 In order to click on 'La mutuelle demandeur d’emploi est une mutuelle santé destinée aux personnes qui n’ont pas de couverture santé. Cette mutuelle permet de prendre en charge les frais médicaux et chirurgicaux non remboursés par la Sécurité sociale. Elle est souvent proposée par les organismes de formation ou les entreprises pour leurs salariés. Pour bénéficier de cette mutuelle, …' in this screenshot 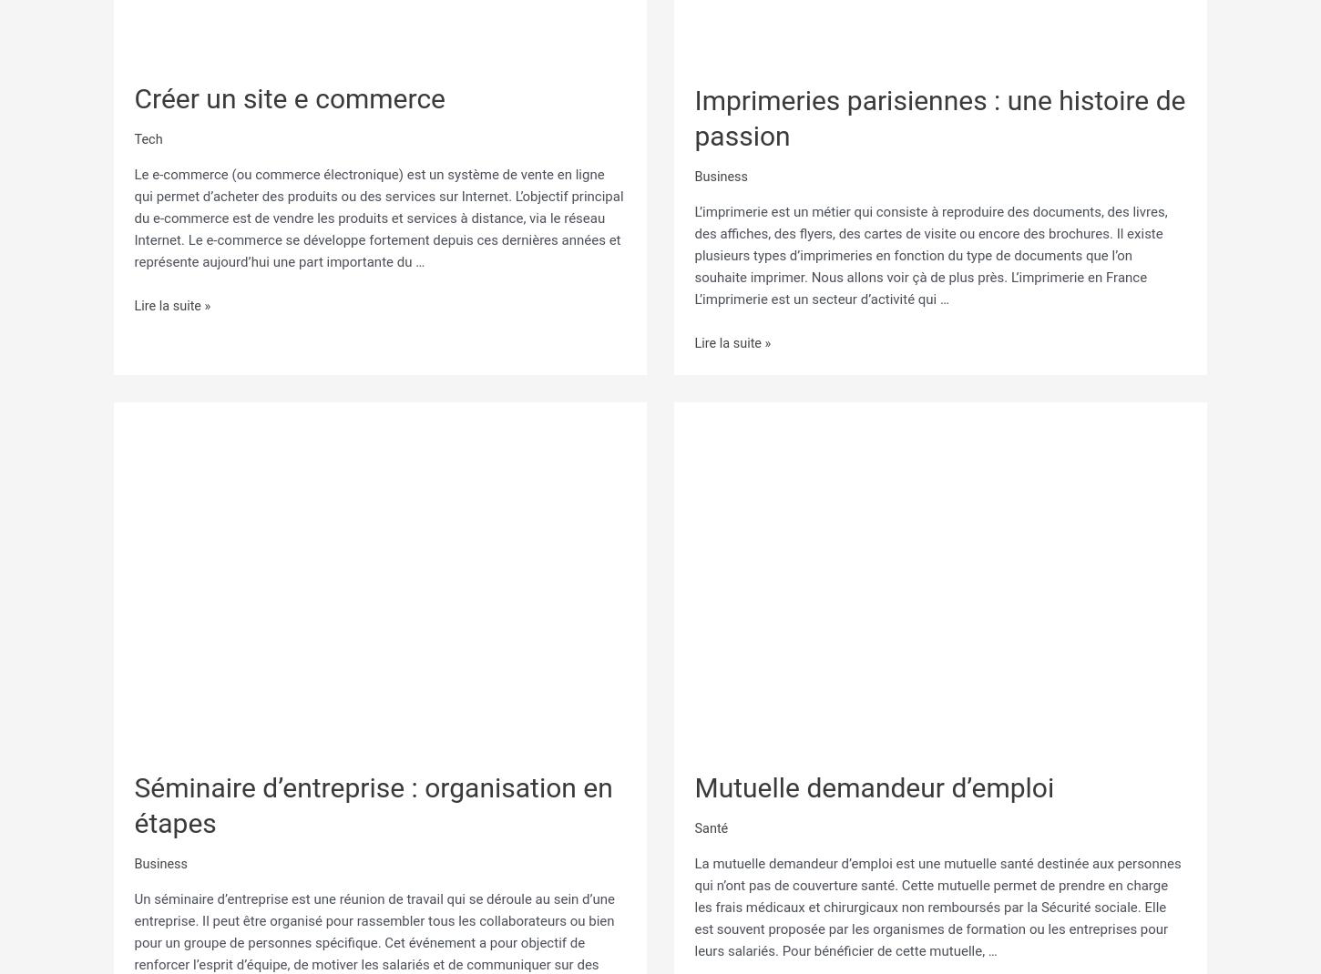, I will do `click(693, 900)`.